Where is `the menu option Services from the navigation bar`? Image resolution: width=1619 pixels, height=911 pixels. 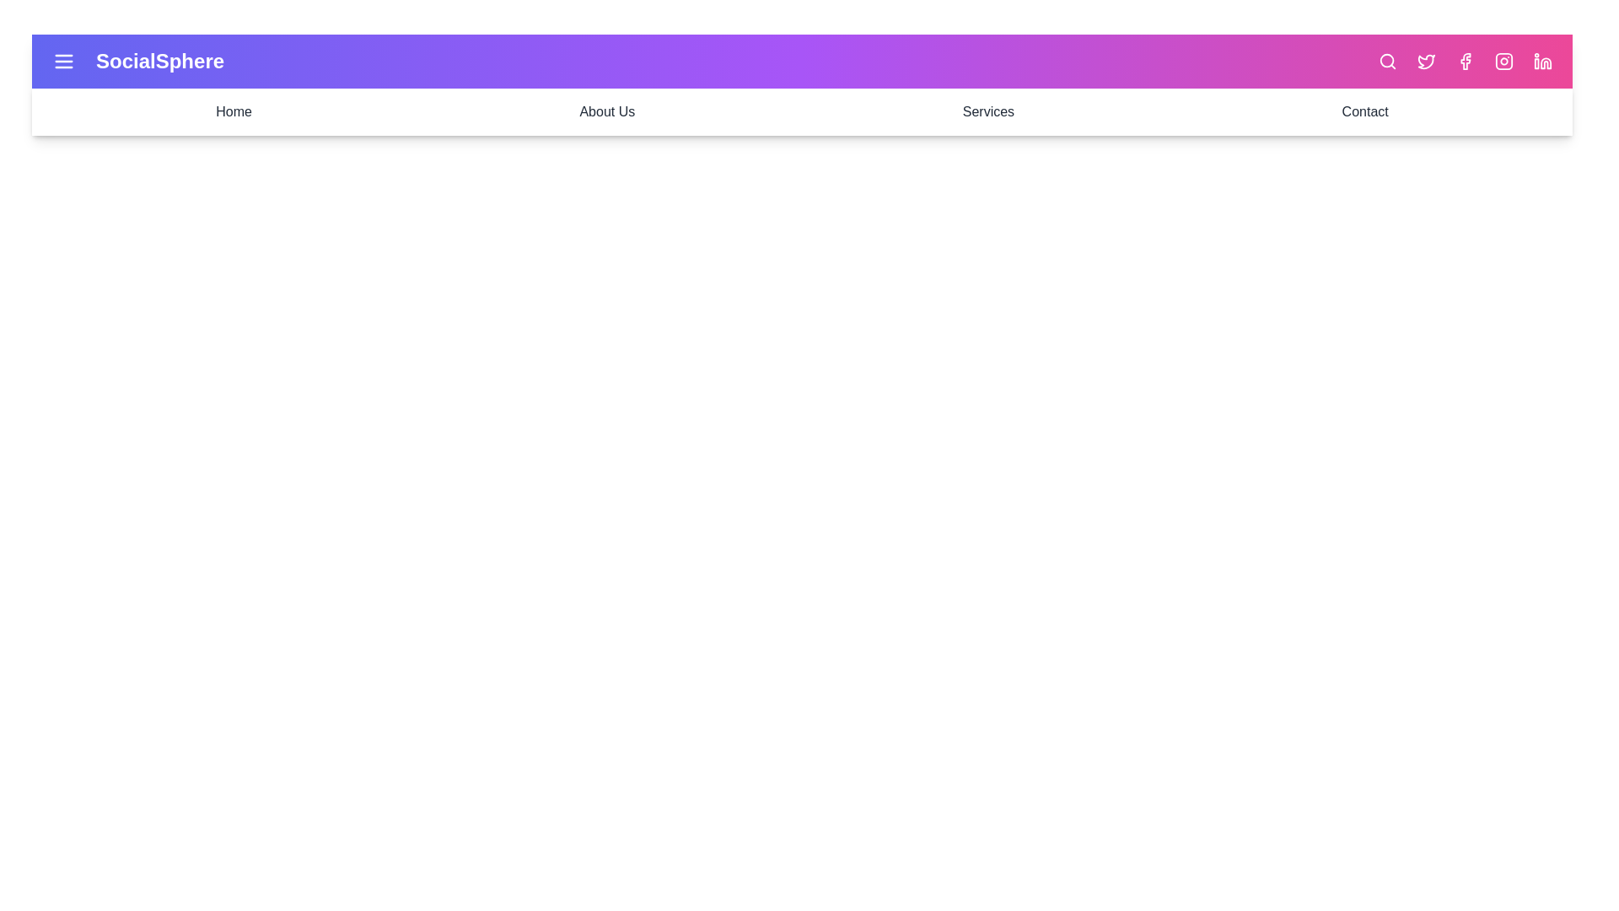
the menu option Services from the navigation bar is located at coordinates (988, 111).